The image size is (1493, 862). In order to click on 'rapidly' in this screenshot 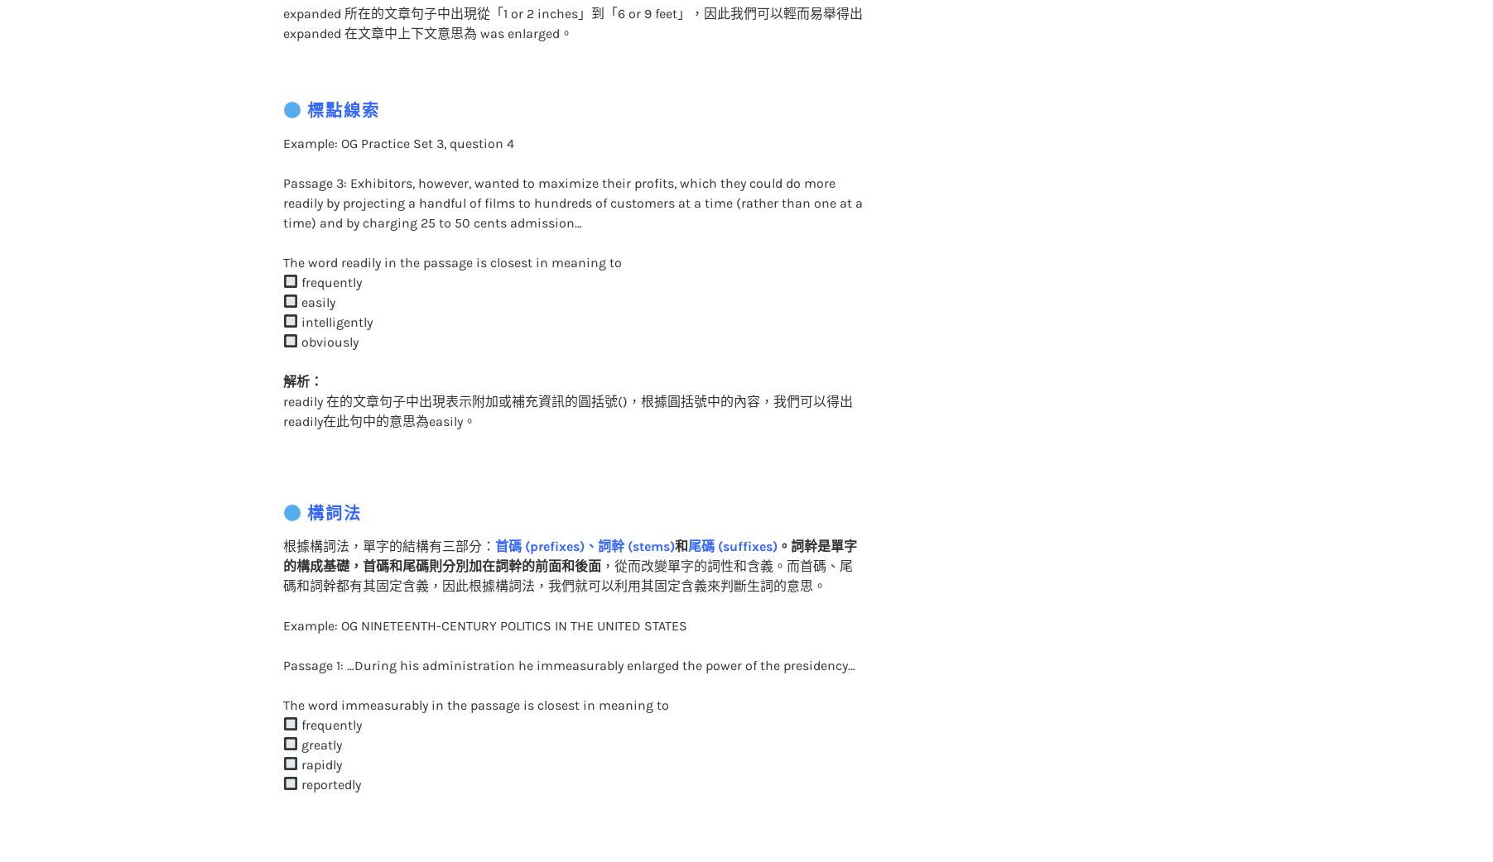, I will do `click(318, 730)`.